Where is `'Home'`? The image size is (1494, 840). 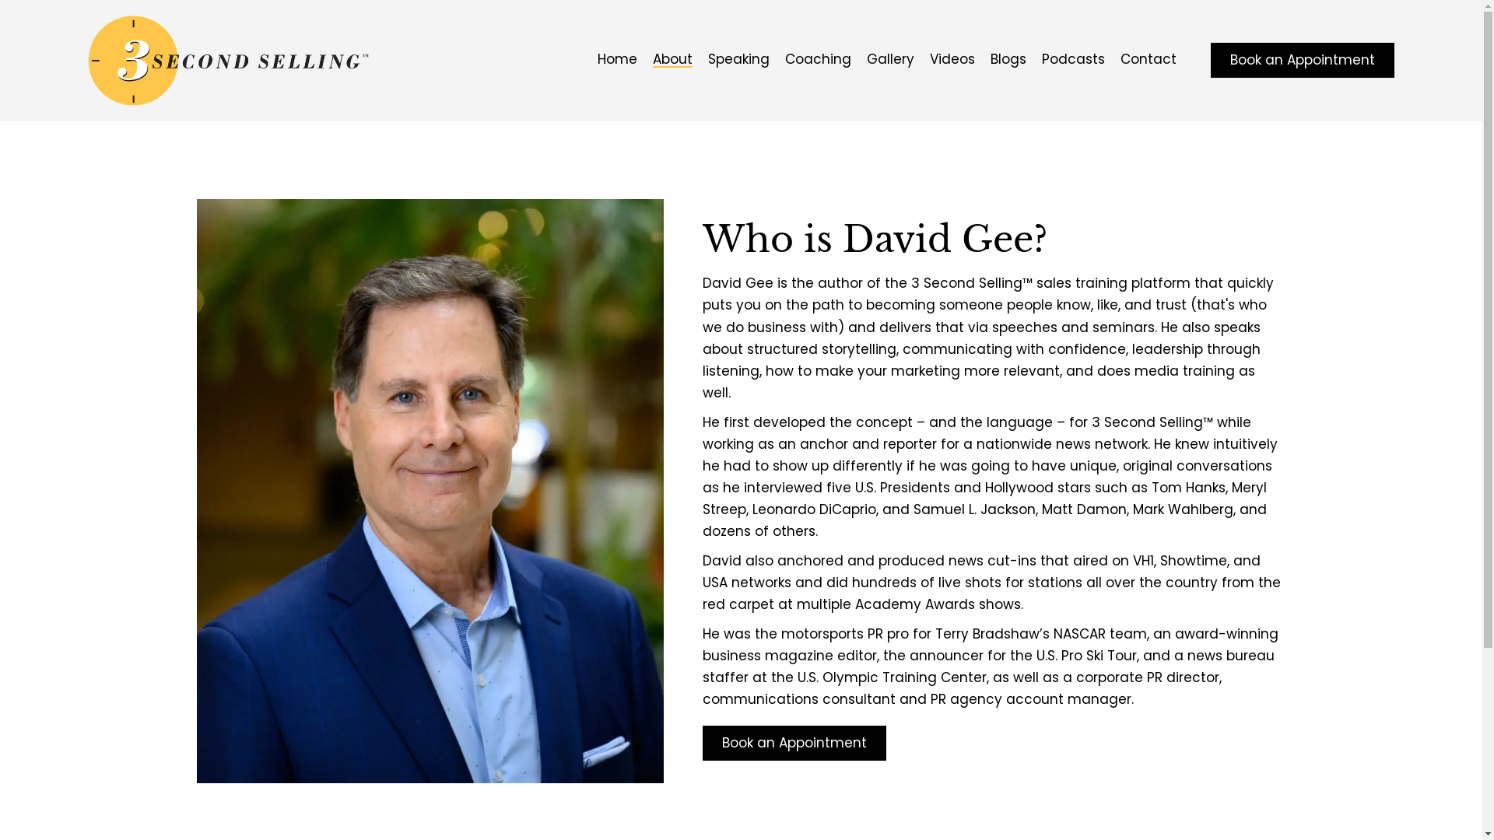
'Home' is located at coordinates (597, 59).